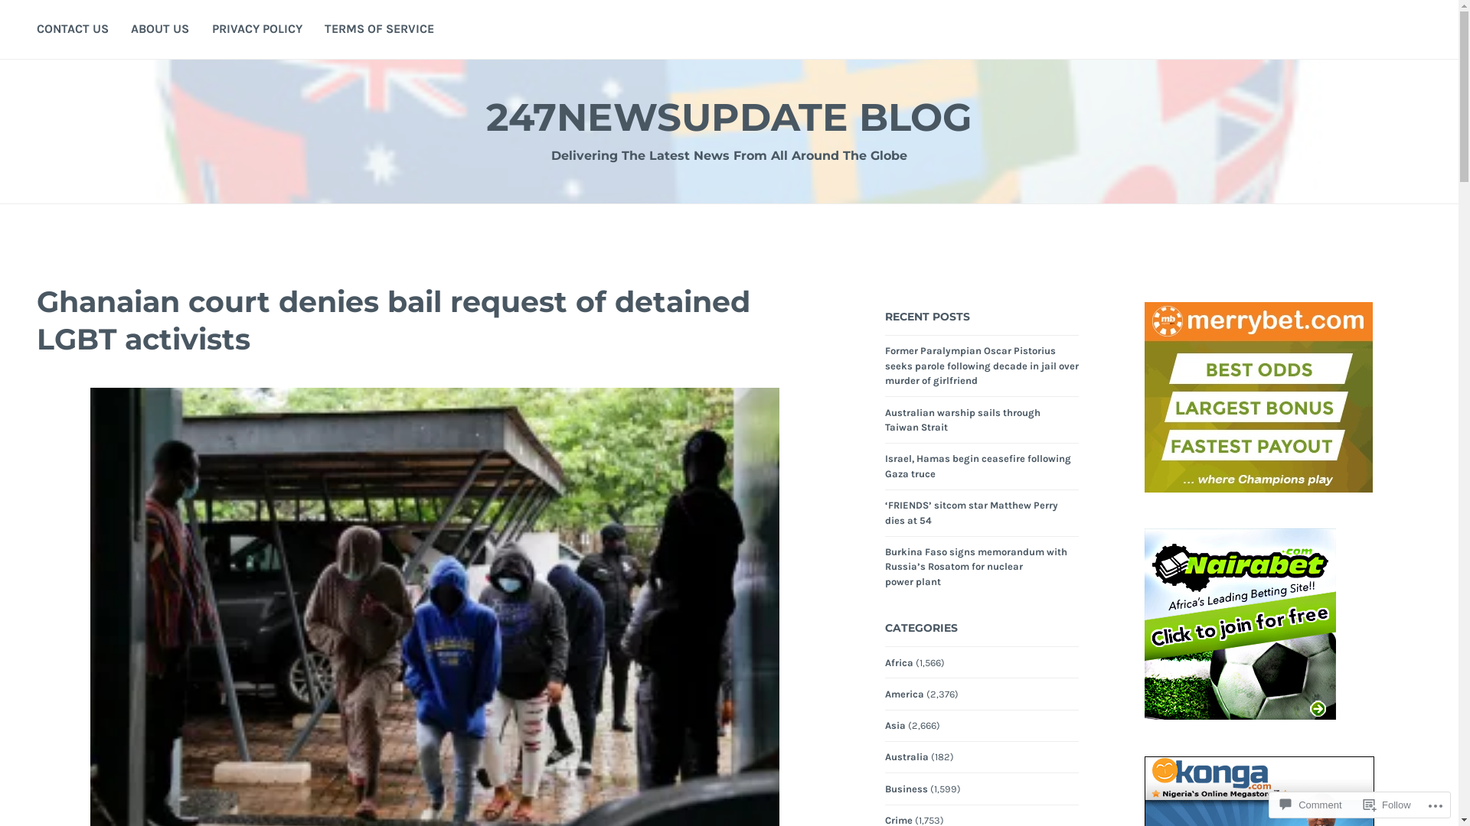 This screenshot has height=826, width=1470. I want to click on 'CONTACT US', so click(72, 29).